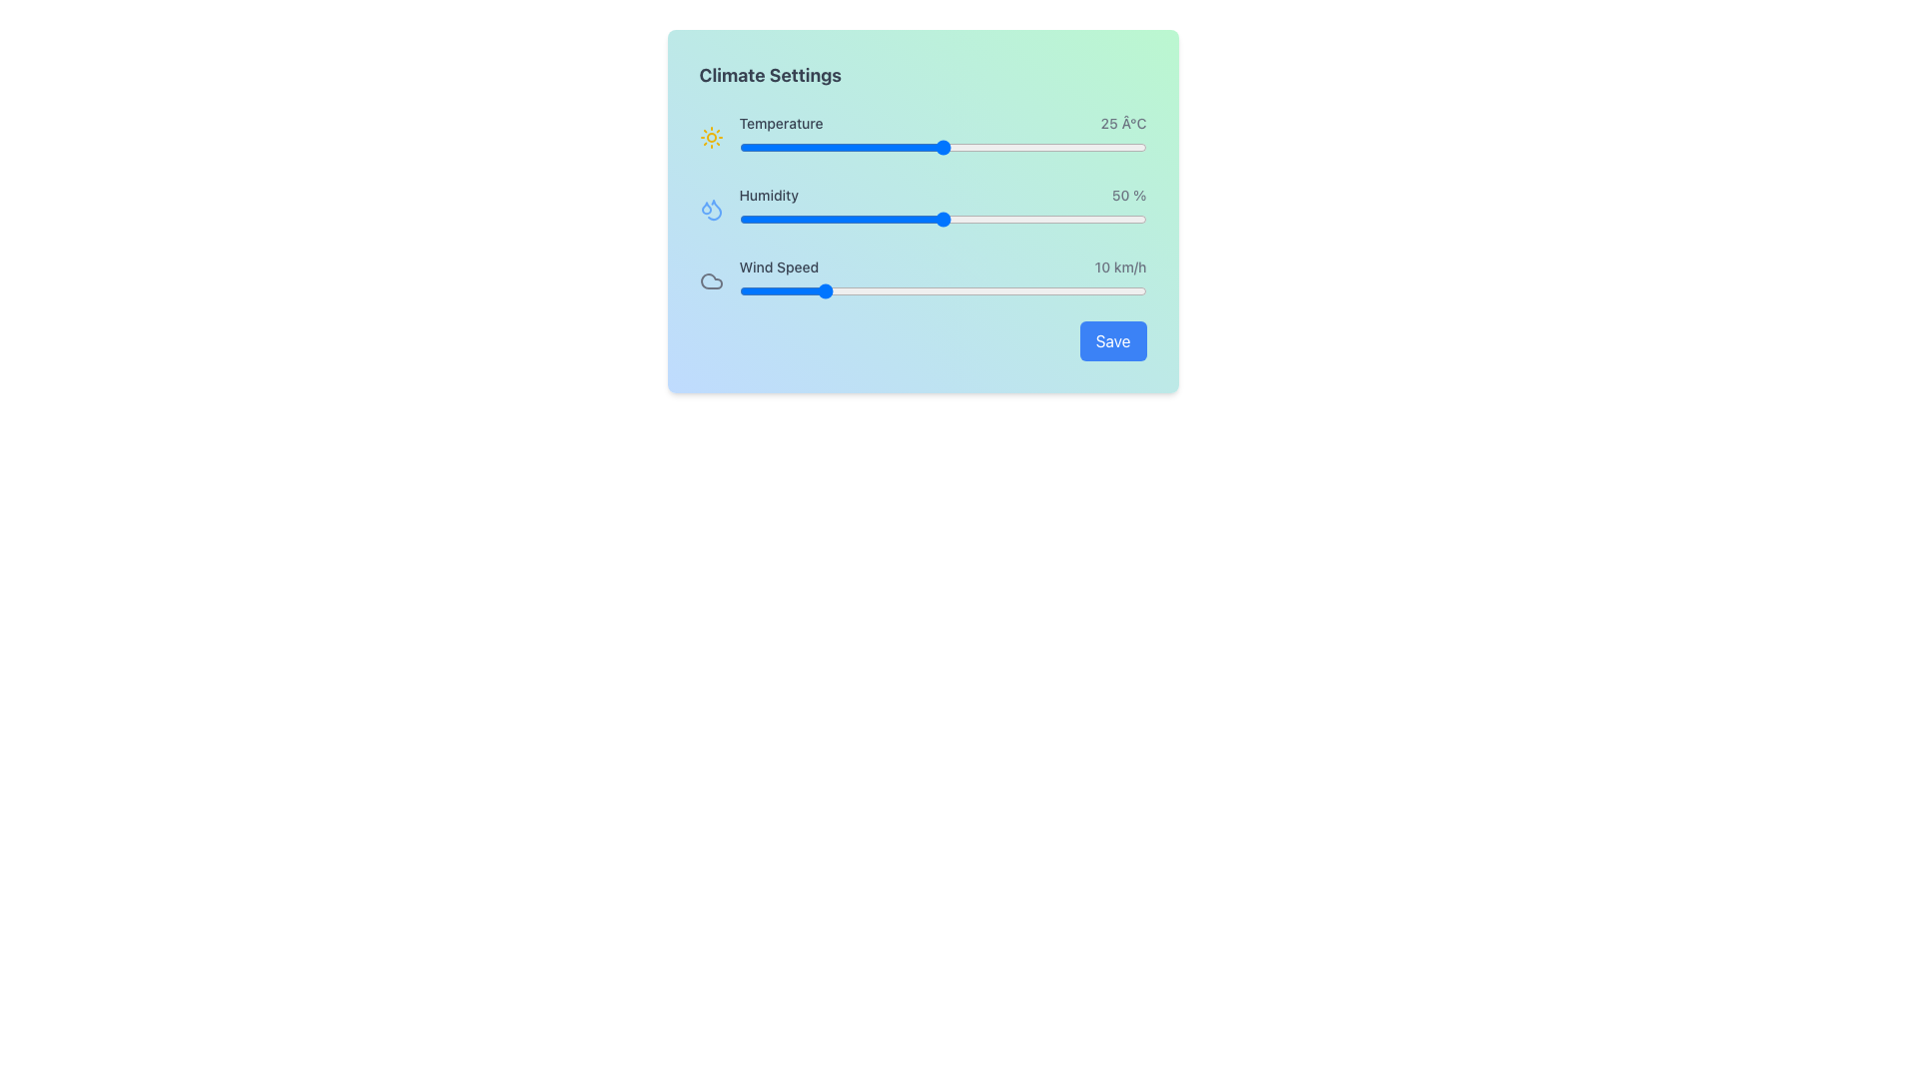  Describe the element at coordinates (946, 219) in the screenshot. I see `humidity` at that location.